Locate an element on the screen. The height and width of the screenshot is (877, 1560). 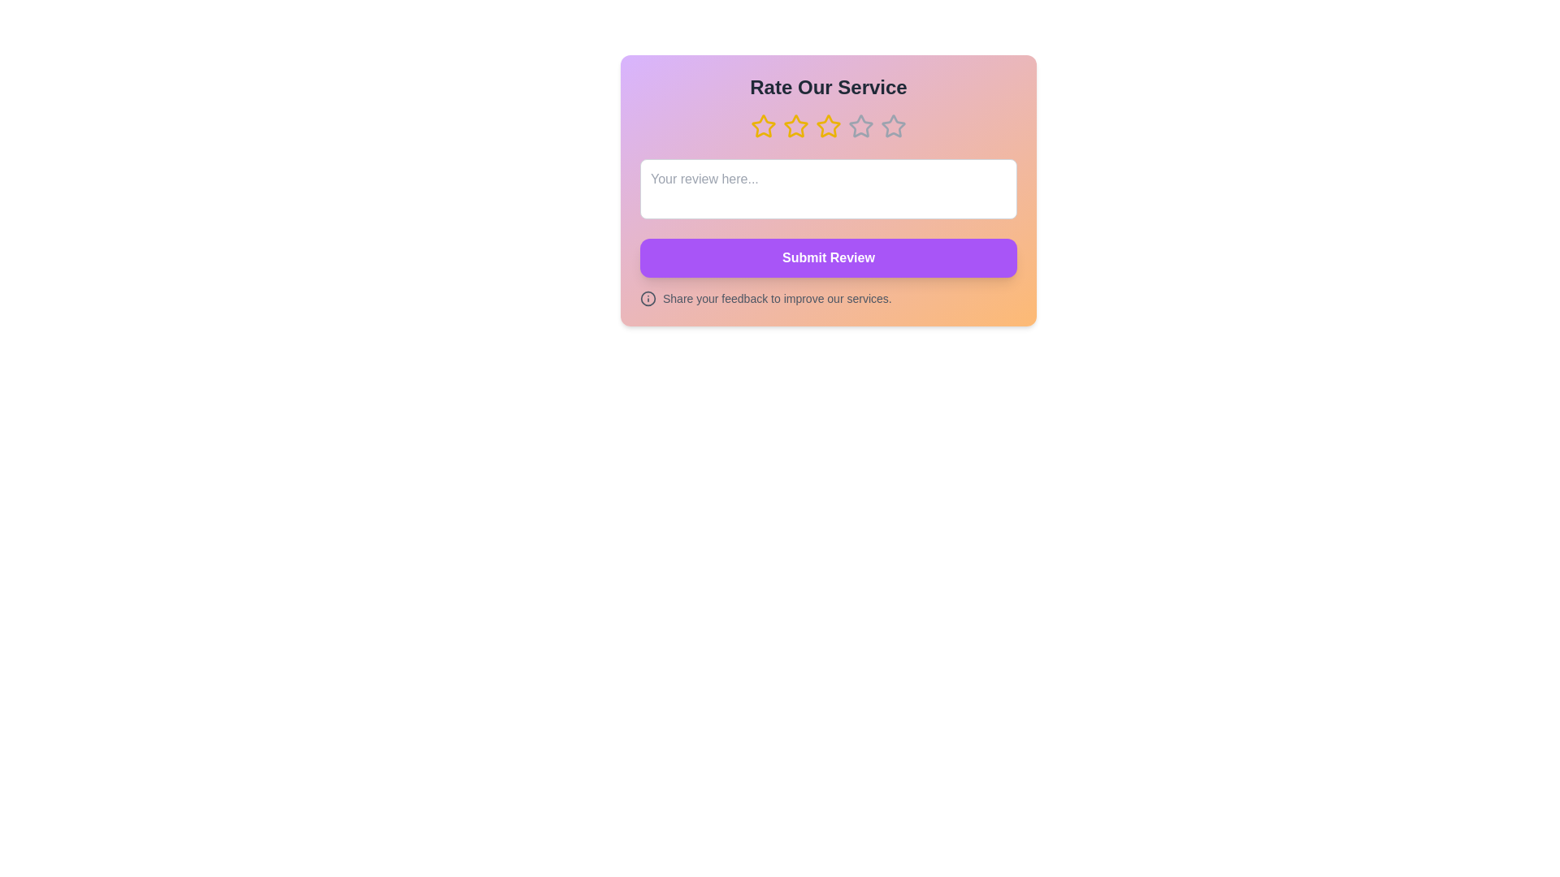
the fifth star in the rating system is located at coordinates (892, 124).